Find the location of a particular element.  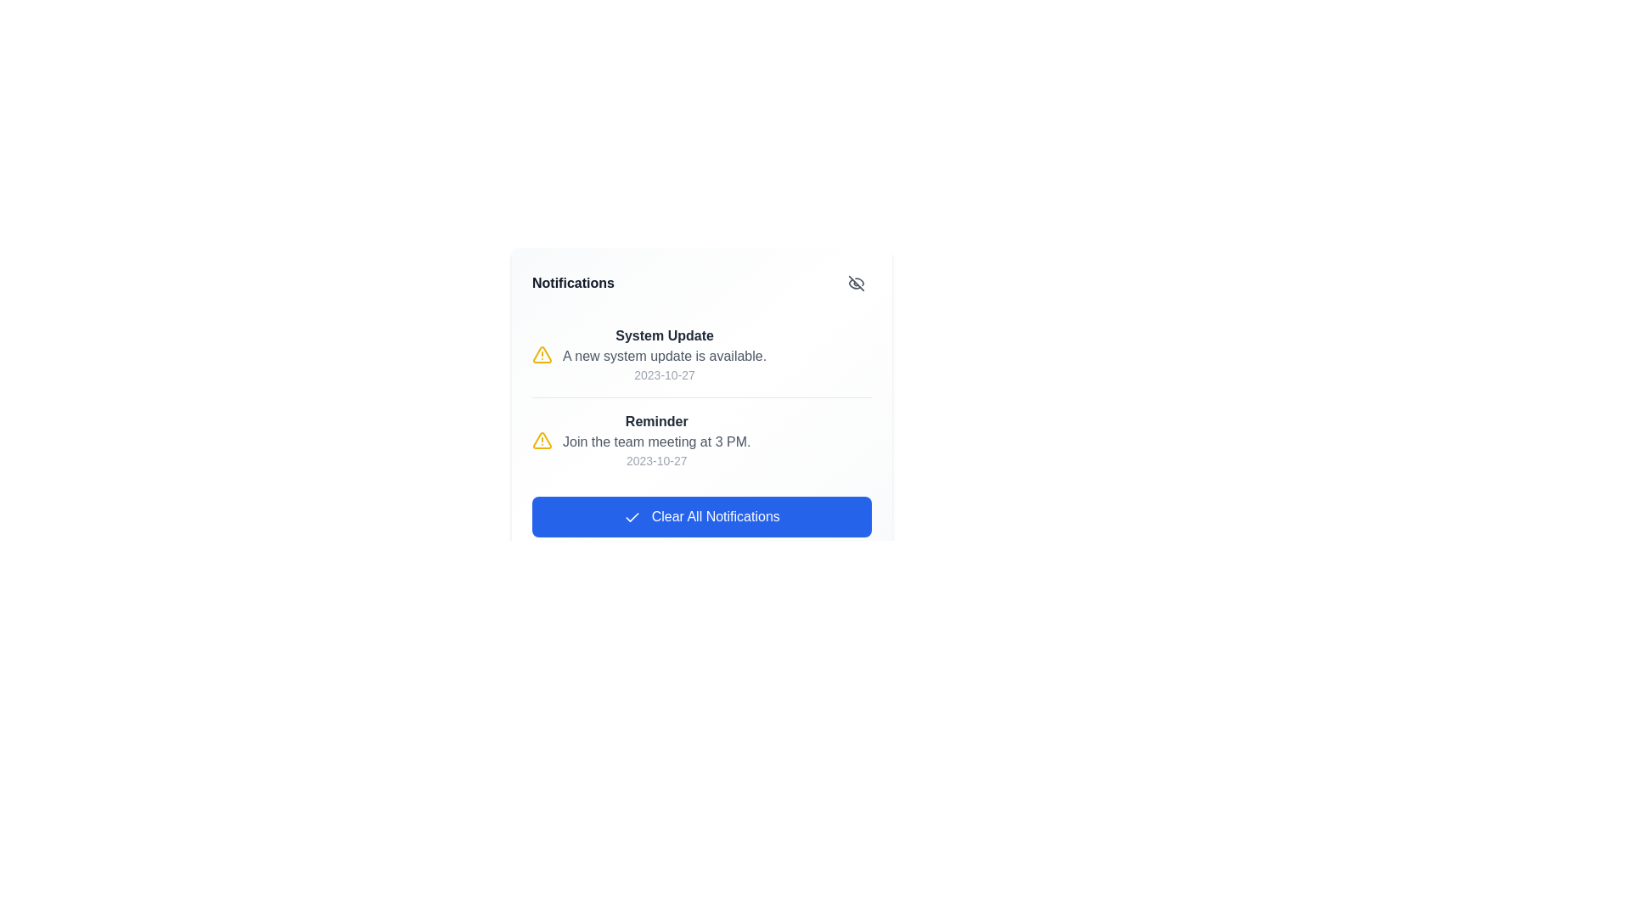

the date text label displaying '2023-10-27', which is styled in light gray and located under the descriptive text in the 'System Update' notification box is located at coordinates (663, 374).